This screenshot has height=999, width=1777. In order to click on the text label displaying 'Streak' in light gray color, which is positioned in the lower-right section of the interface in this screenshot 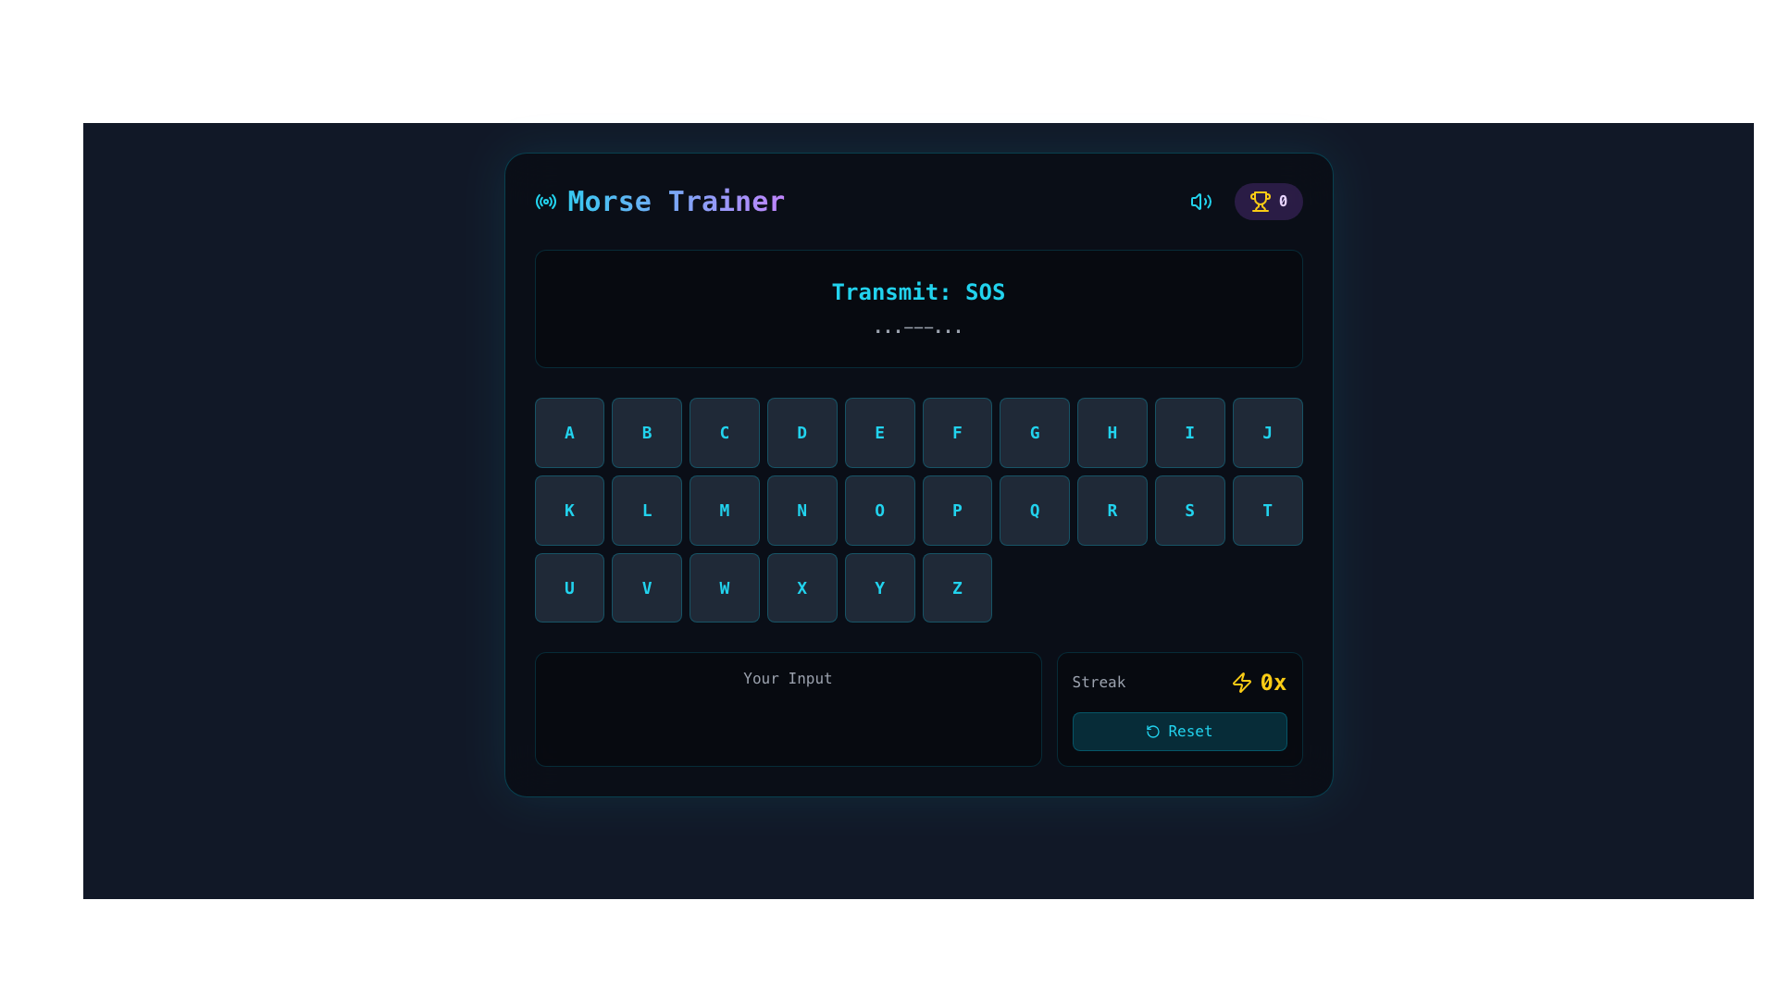, I will do `click(1099, 683)`.